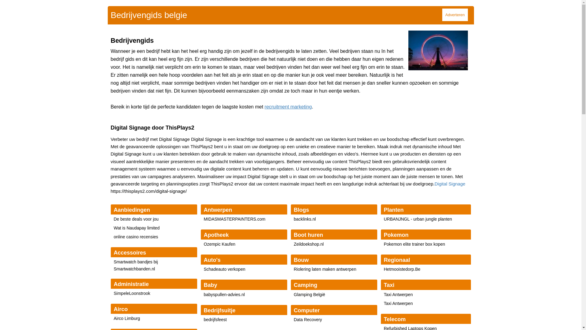  What do you see at coordinates (414, 244) in the screenshot?
I see `'Pokemon elite trainer box kopen'` at bounding box center [414, 244].